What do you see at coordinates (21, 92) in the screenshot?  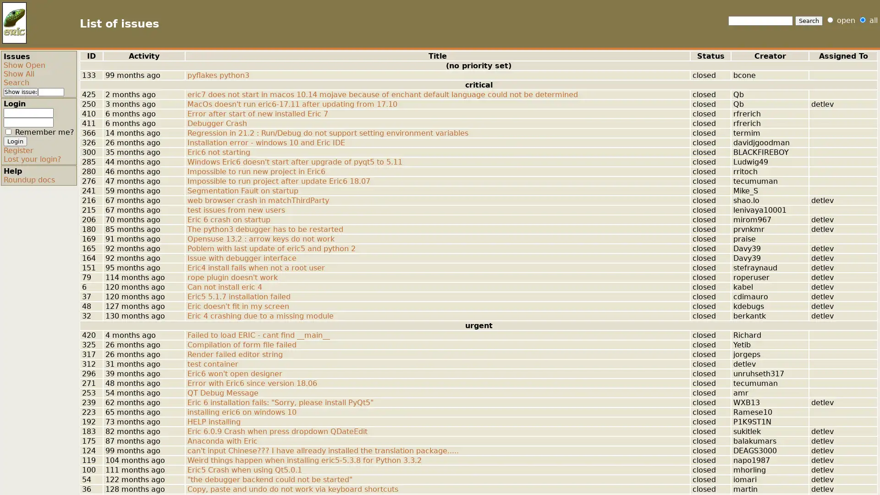 I see `Show issue:` at bounding box center [21, 92].